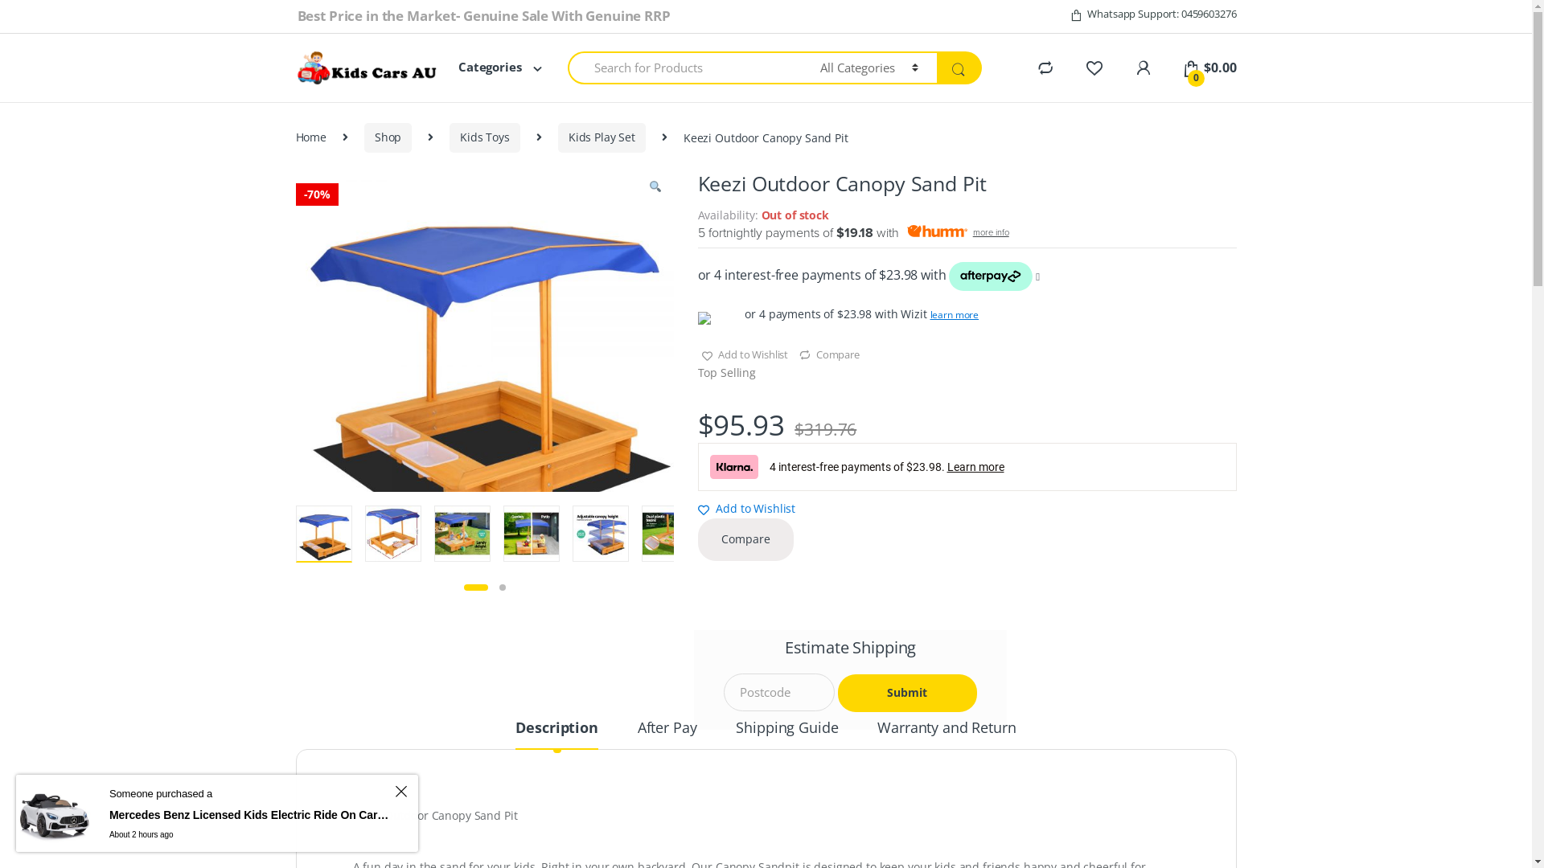  What do you see at coordinates (954, 314) in the screenshot?
I see `'learn more'` at bounding box center [954, 314].